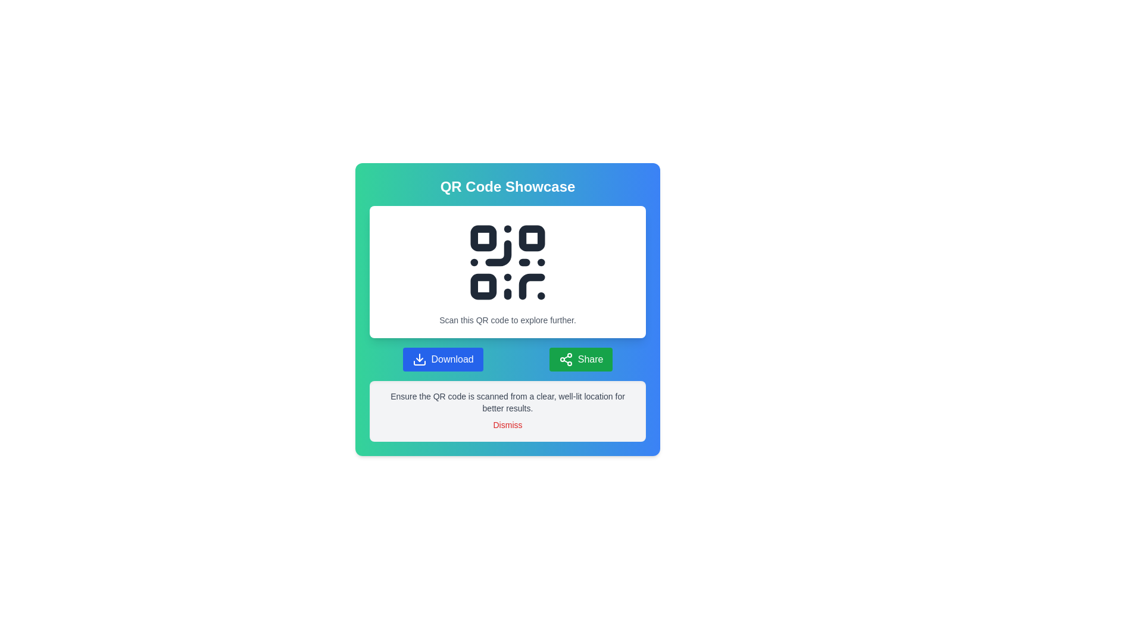 This screenshot has height=643, width=1143. Describe the element at coordinates (508, 261) in the screenshot. I see `the QR code element located in the center of the card labeled 'QR Code Showcase'` at that location.